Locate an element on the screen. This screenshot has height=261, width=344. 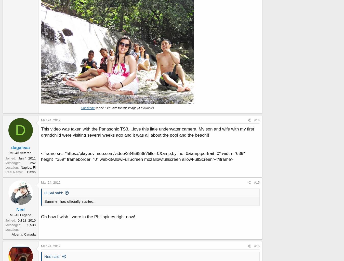
'D' is located at coordinates (20, 130).